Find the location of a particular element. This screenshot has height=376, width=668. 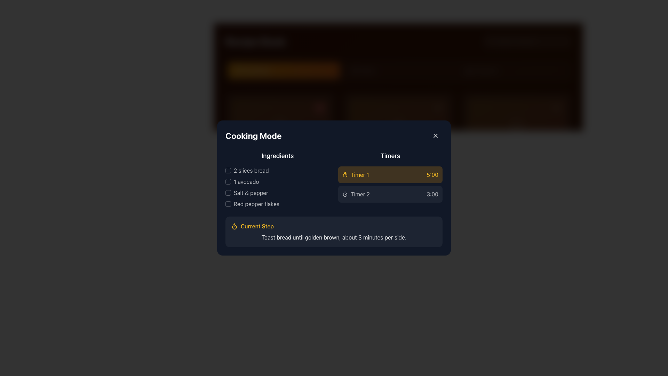

the 'Timer 1' label with the gold text and timer icon, located in the 'Timers' section of the dialog is located at coordinates (356, 174).